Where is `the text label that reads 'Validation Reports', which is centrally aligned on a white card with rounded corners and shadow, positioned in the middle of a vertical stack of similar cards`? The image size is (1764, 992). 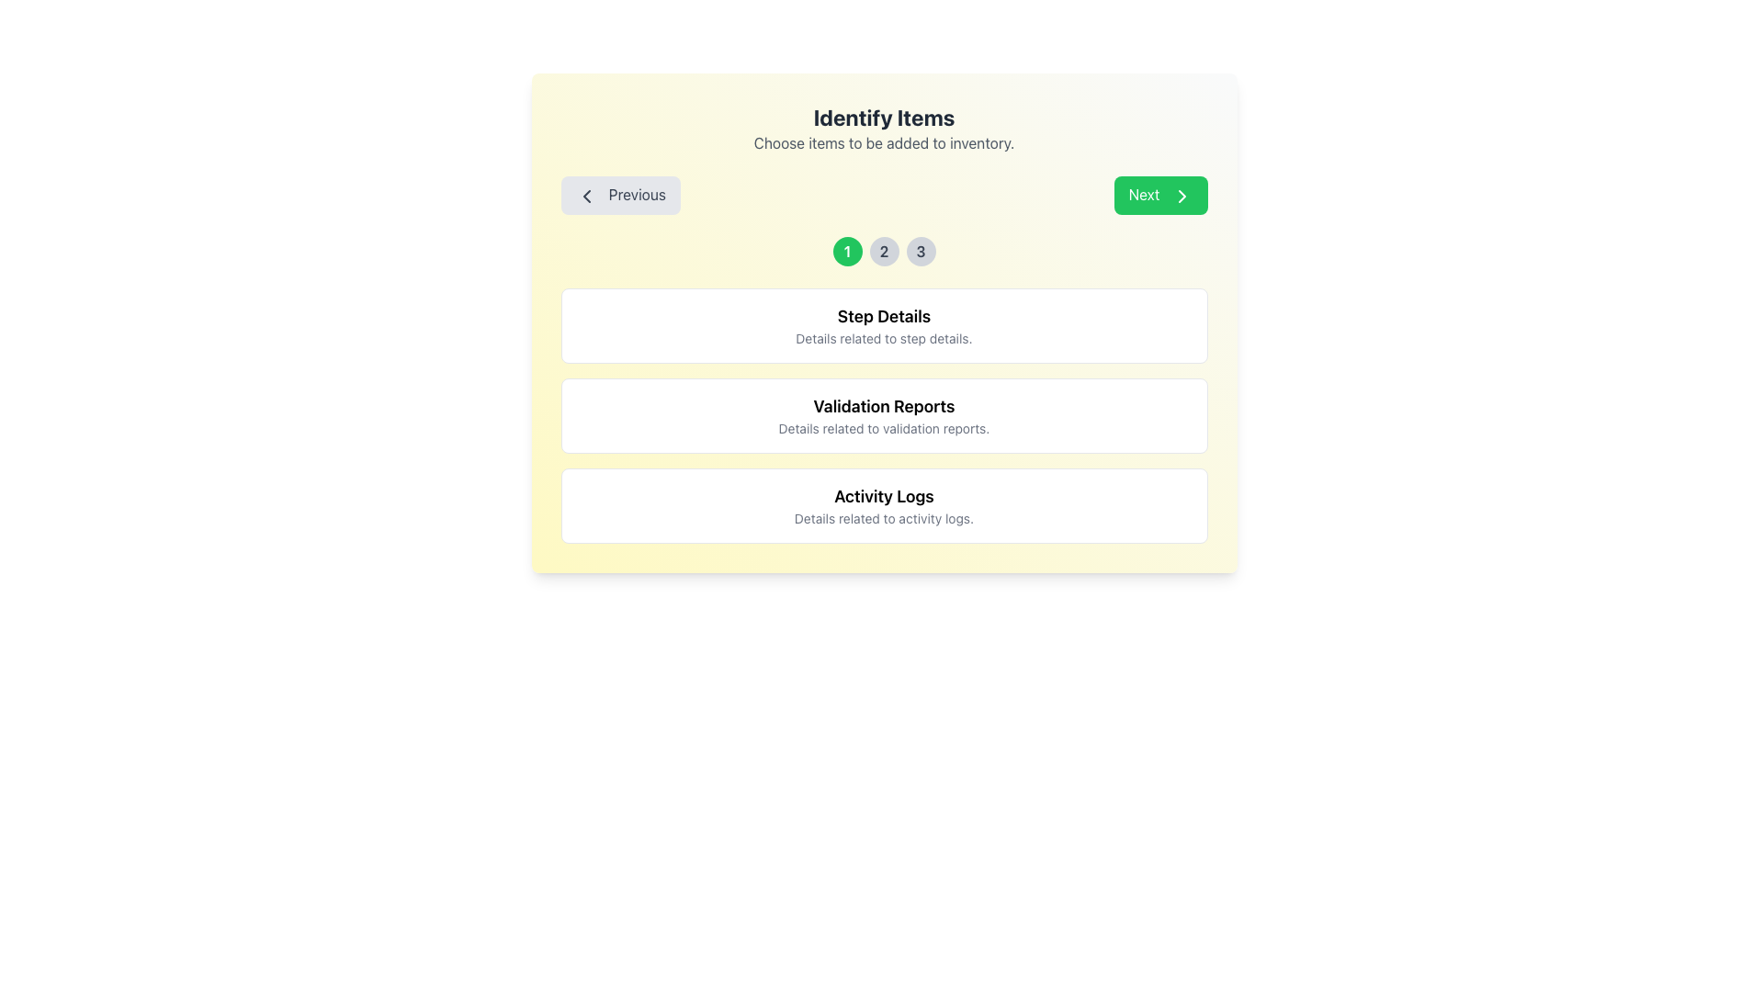
the text label that reads 'Validation Reports', which is centrally aligned on a white card with rounded corners and shadow, positioned in the middle of a vertical stack of similar cards is located at coordinates (884, 405).